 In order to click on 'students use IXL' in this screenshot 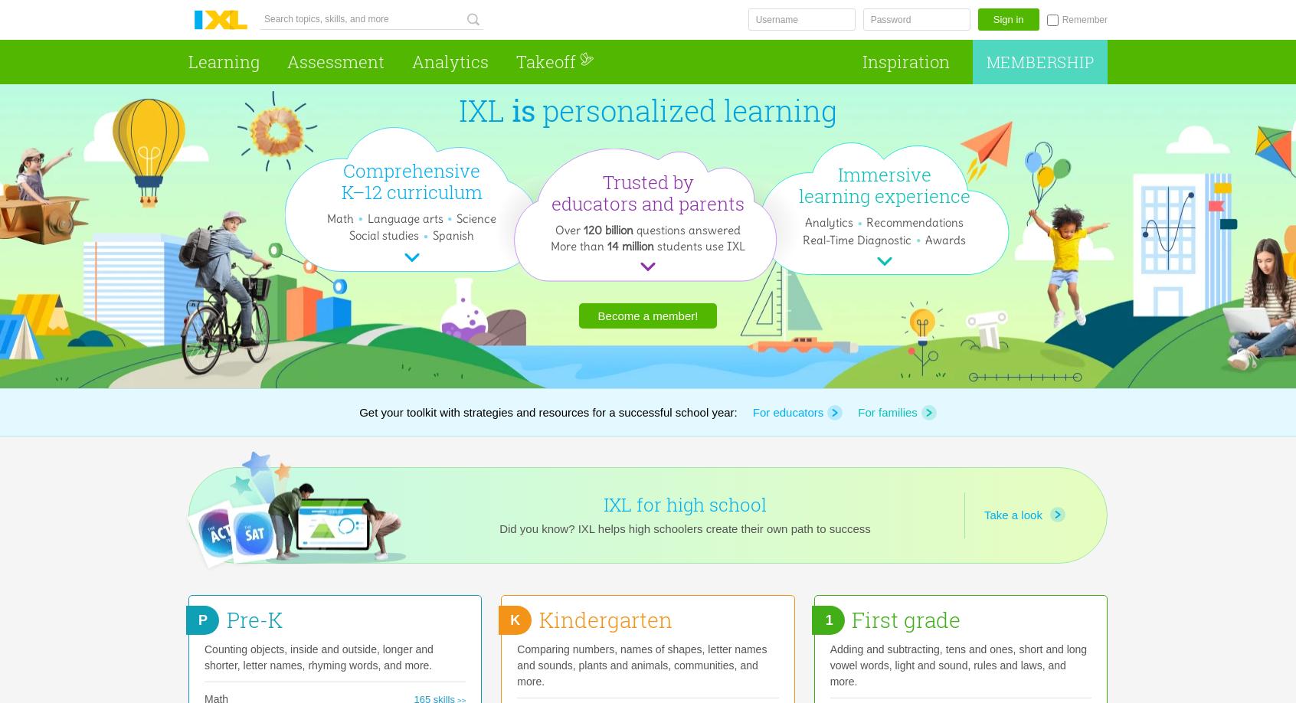, I will do `click(699, 245)`.